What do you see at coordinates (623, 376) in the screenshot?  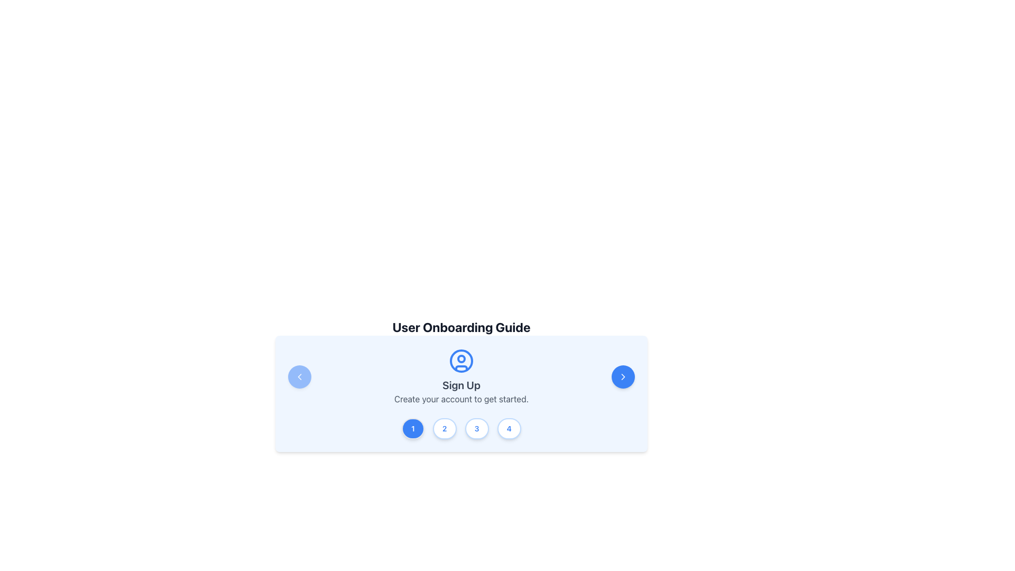 I see `the rightward chevron glyph icon located in the bottom-right portion of the panel` at bounding box center [623, 376].